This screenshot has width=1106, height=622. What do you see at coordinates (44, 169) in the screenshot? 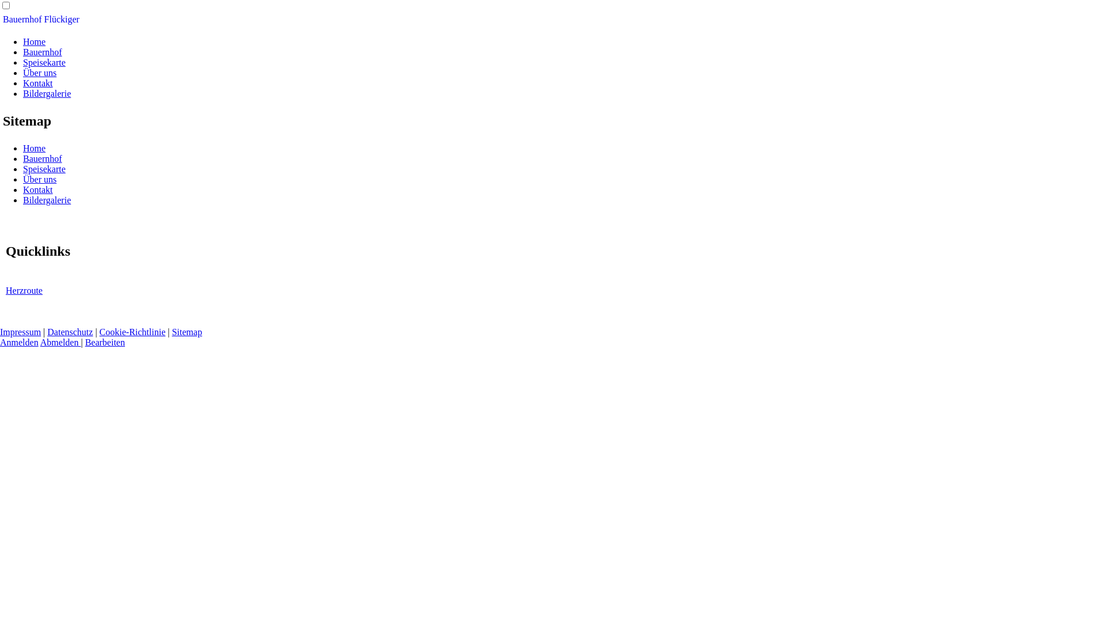
I see `'Speisekarte'` at bounding box center [44, 169].